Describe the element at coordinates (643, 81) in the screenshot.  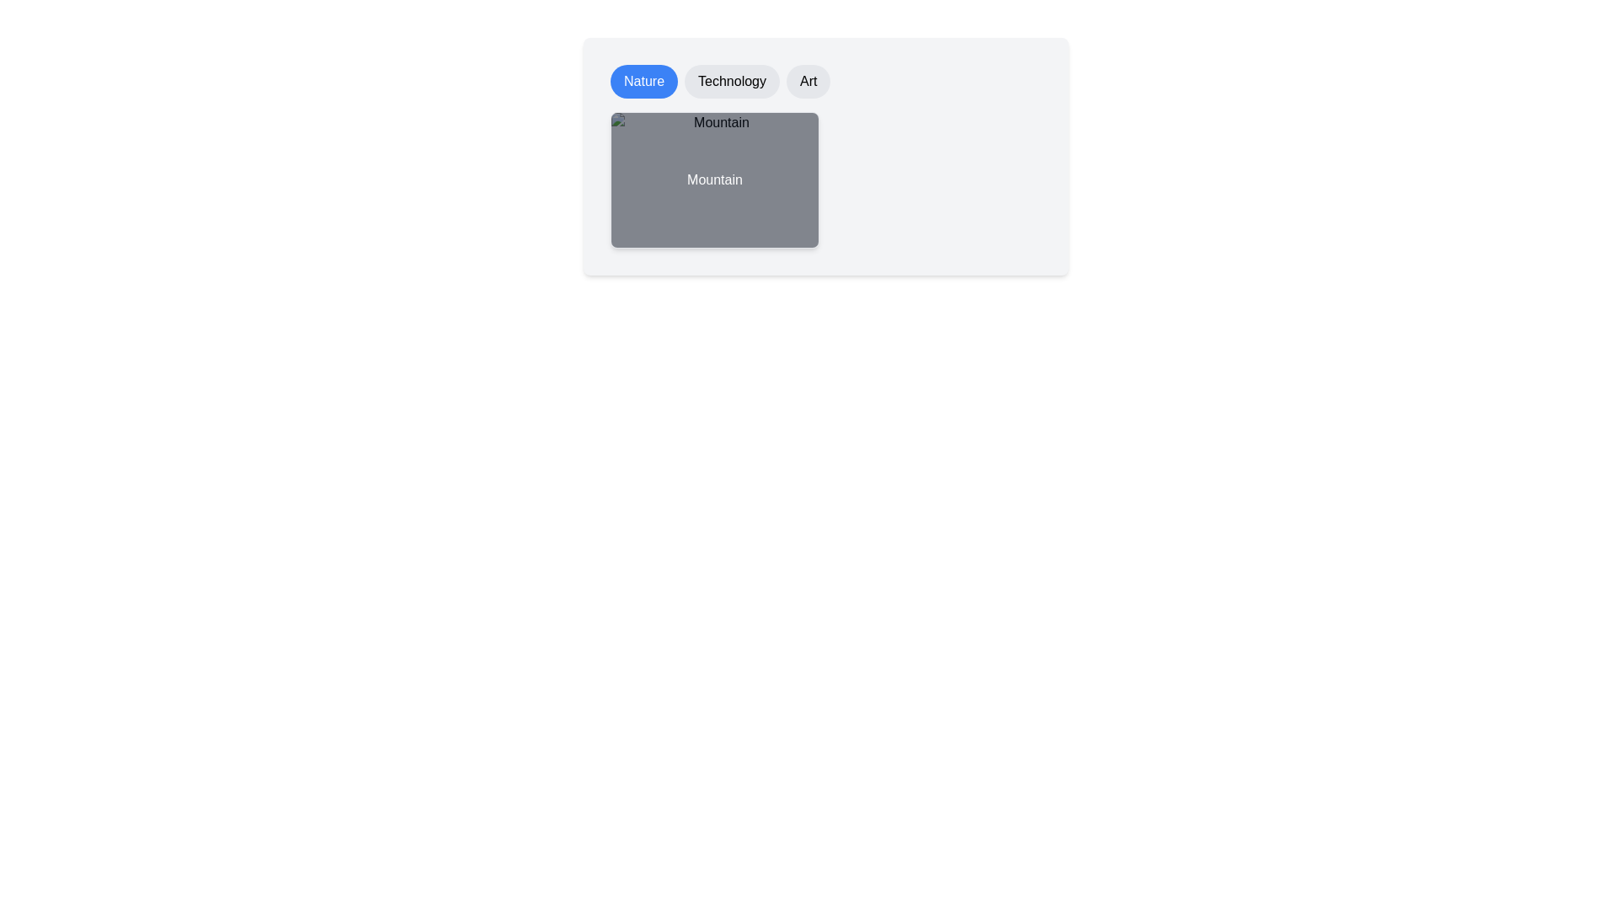
I see `the Nature chip to filter images by the selected category` at that location.